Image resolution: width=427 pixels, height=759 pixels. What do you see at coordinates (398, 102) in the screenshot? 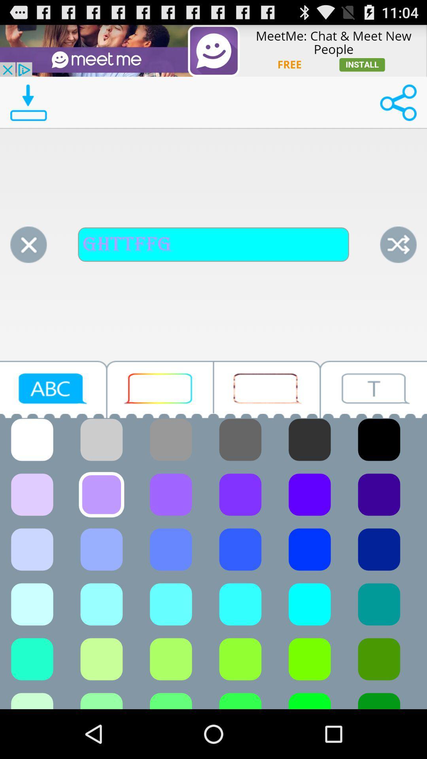
I see `share` at bounding box center [398, 102].